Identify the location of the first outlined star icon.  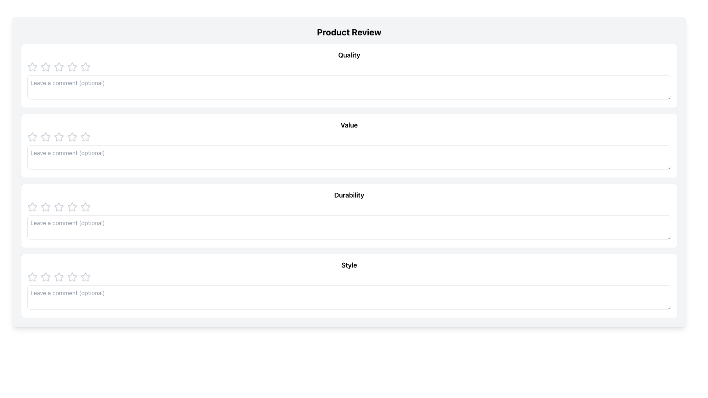
(58, 207).